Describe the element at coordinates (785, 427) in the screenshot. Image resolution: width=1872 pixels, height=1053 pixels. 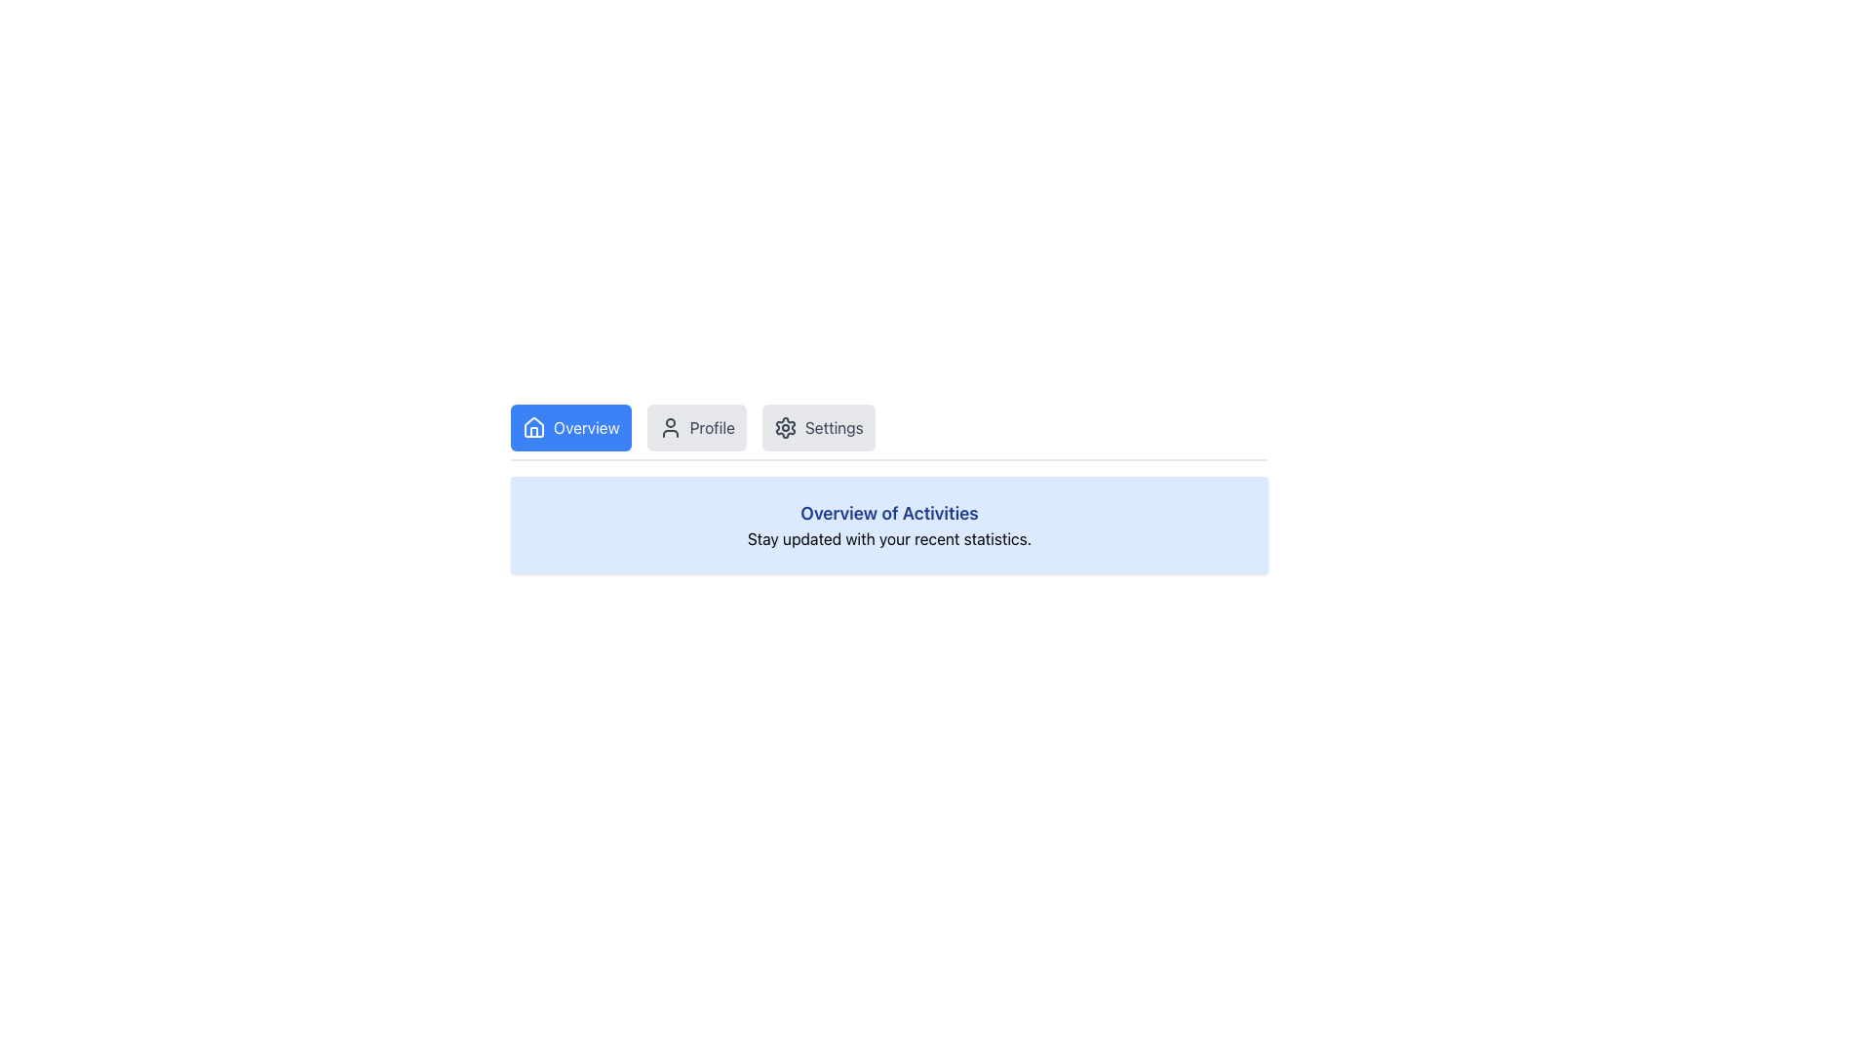
I see `the gear-shaped settings icon located in the horizontal navigation bar, which is the leftmost subcomponent of the third segment` at that location.